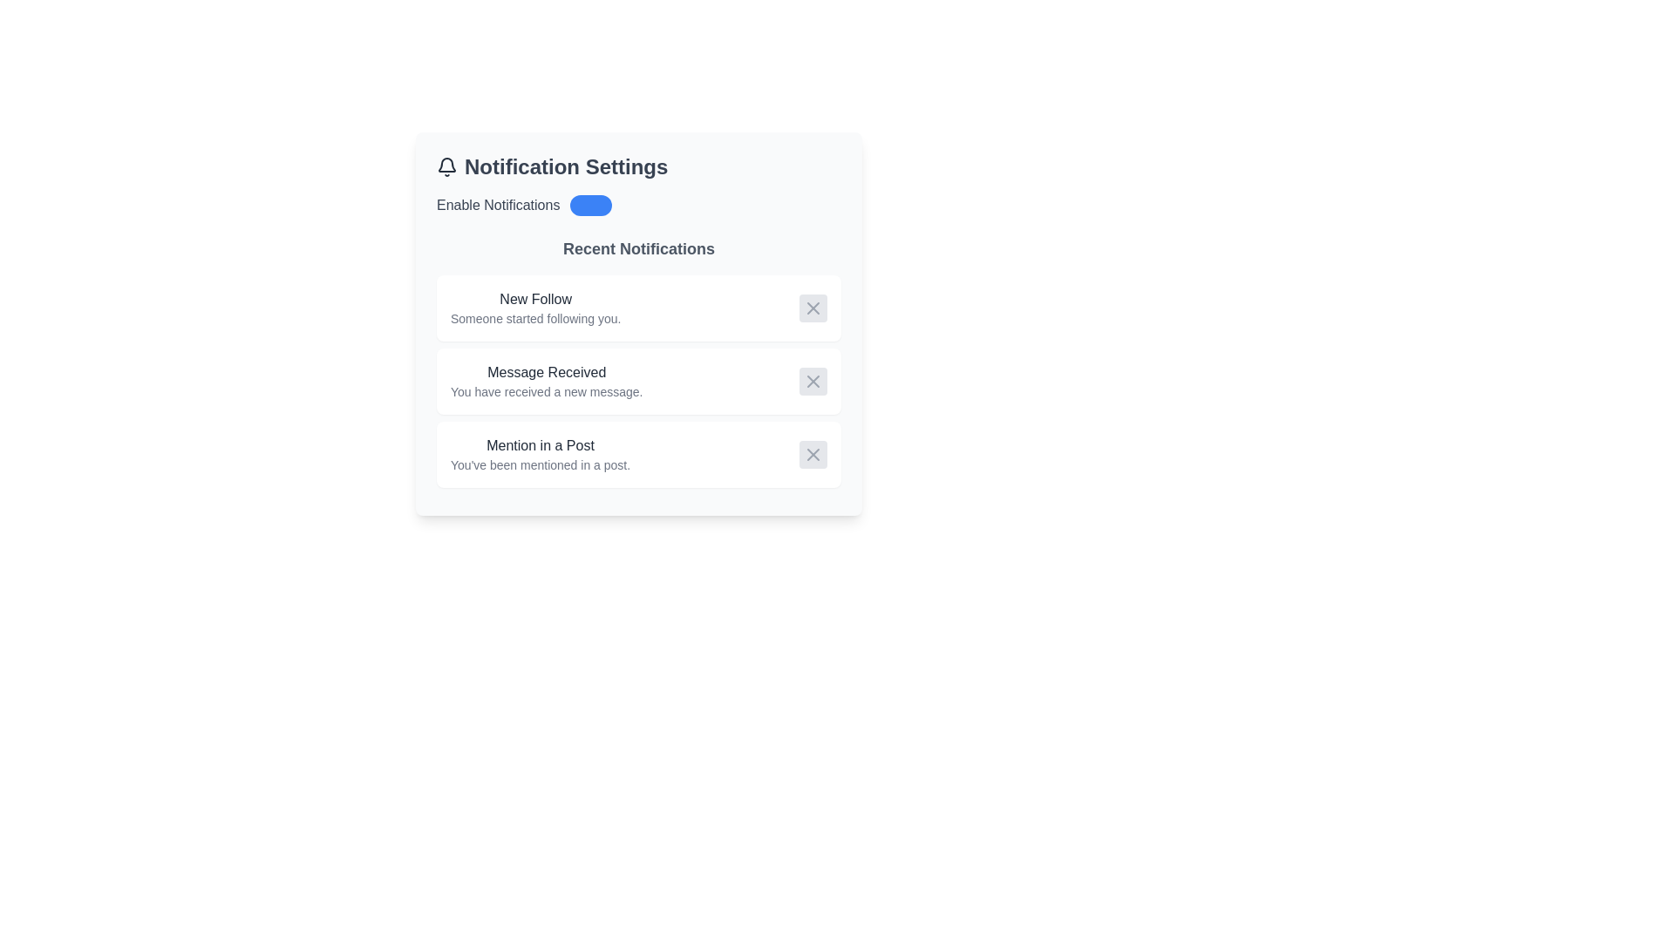 The width and height of the screenshot is (1674, 941). Describe the element at coordinates (638, 453) in the screenshot. I see `the third notification in the 'Recent Notifications' section, which informs the user about being mentioned in a post` at that location.